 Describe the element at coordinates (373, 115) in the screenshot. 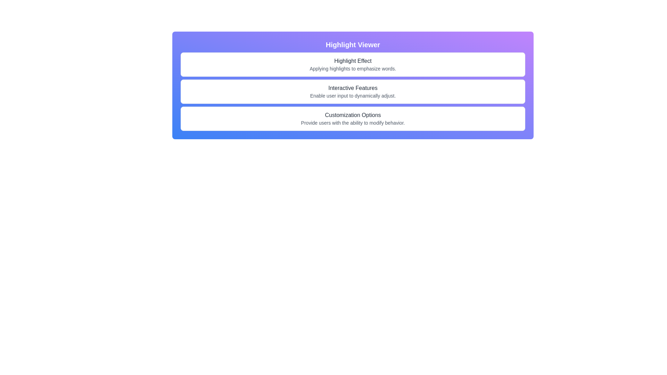

I see `the 20th character in the text 'Customization Options' within the 'Highlight Viewer' panel` at that location.